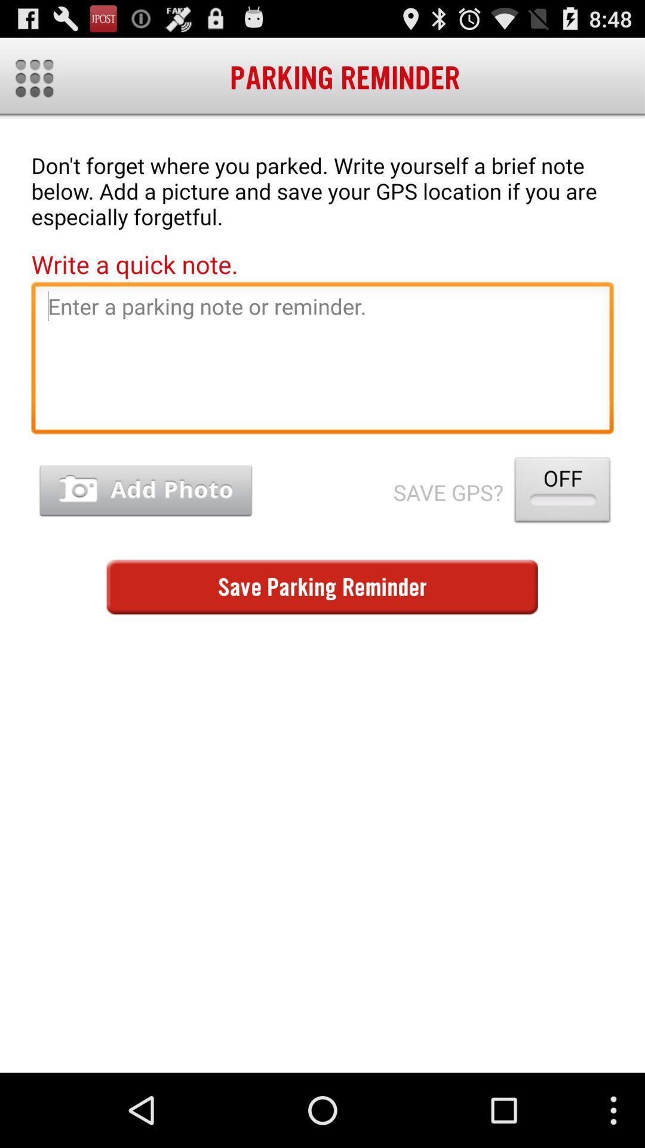 This screenshot has height=1148, width=645. What do you see at coordinates (562, 492) in the screenshot?
I see `the button above save parking reminder button` at bounding box center [562, 492].